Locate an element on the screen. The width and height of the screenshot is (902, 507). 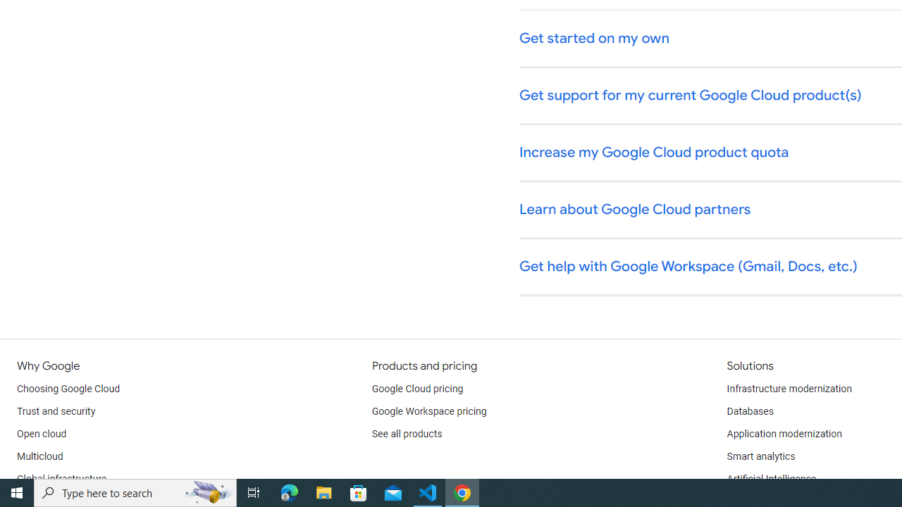
'Smart analytics' is located at coordinates (760, 457).